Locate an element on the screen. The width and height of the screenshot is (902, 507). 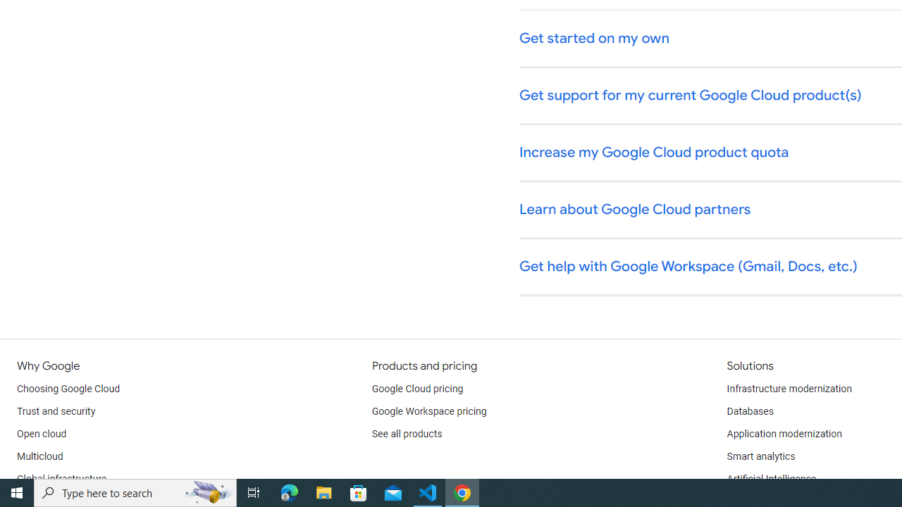
'Smart analytics' is located at coordinates (760, 457).